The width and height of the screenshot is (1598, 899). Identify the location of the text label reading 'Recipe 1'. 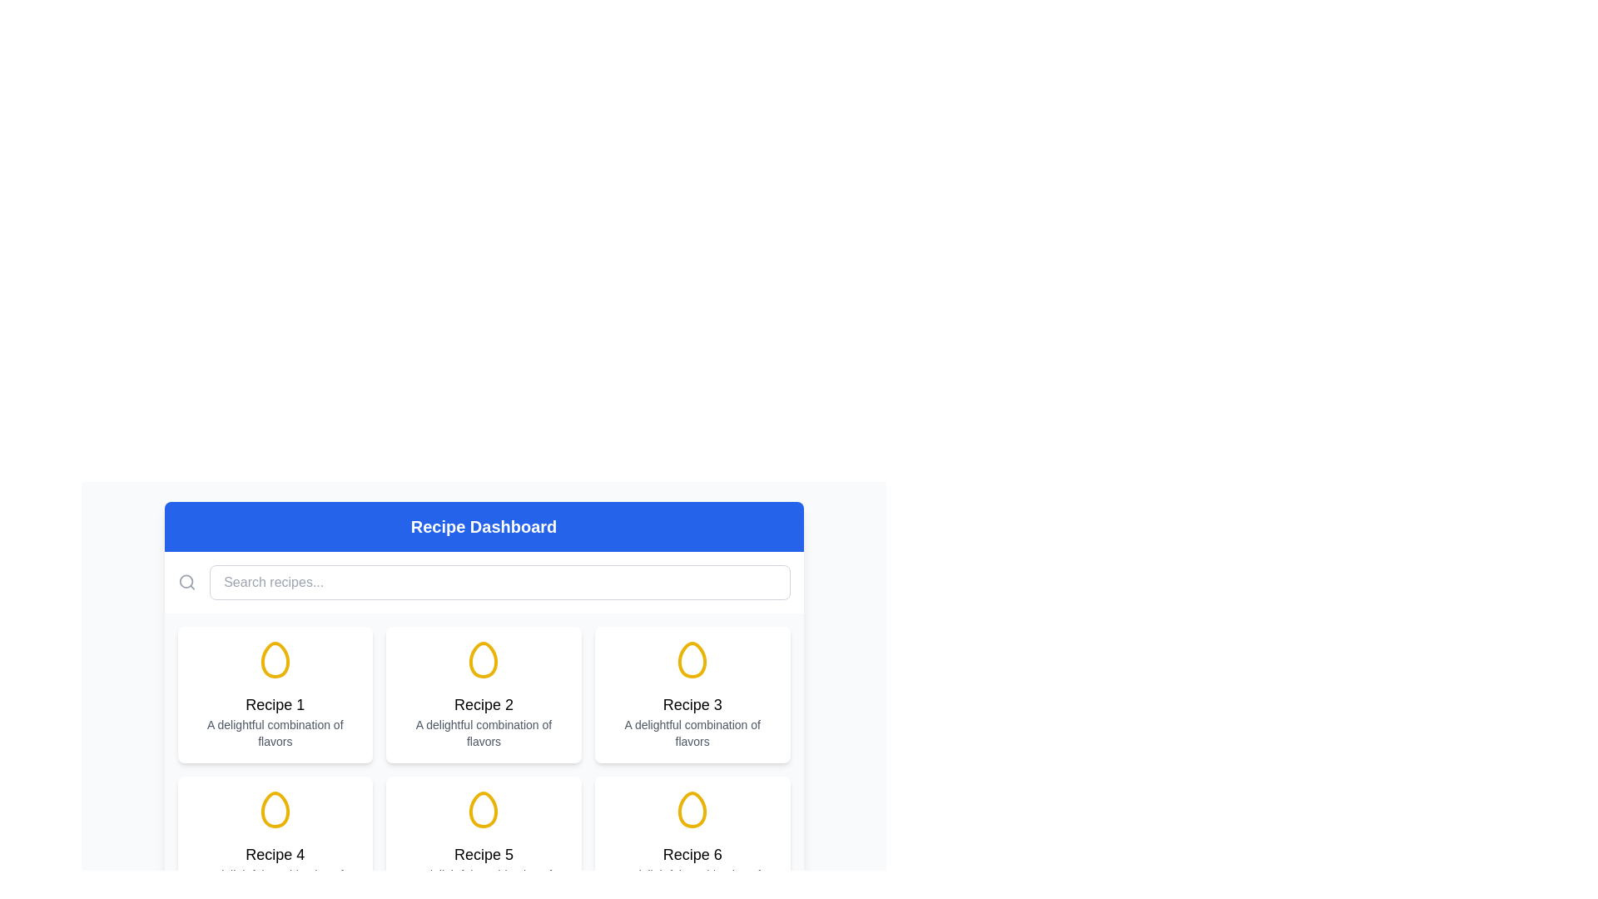
(275, 705).